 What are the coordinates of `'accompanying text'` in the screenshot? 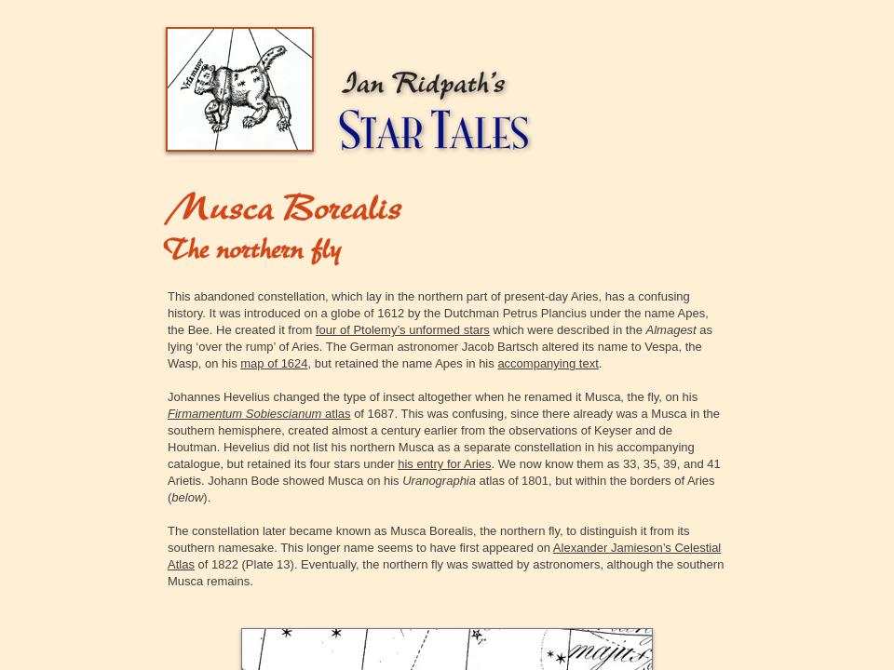 It's located at (548, 363).